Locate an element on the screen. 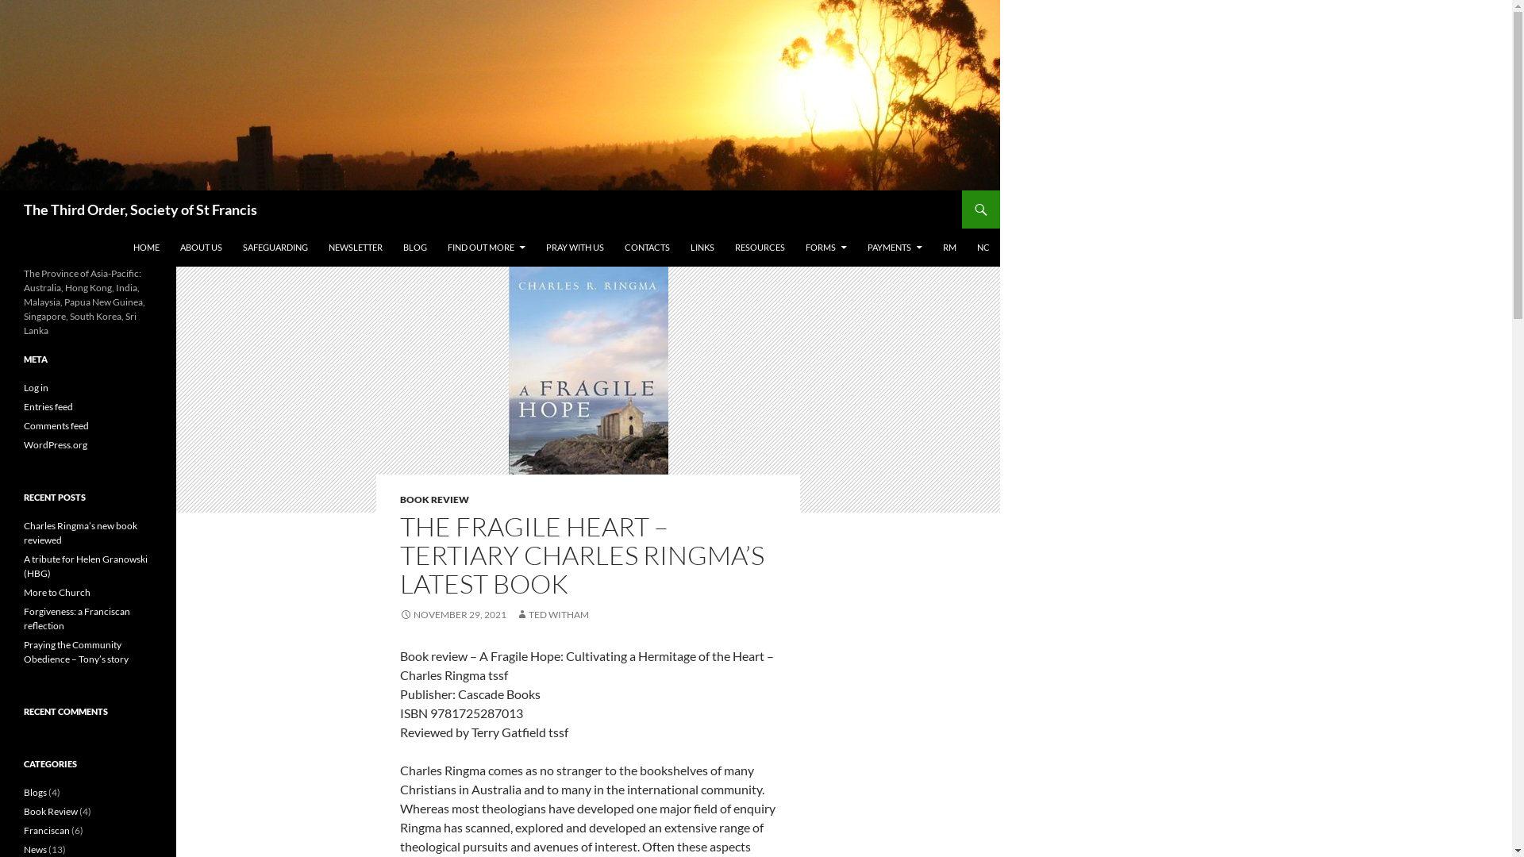 This screenshot has width=1524, height=857. 'Franciscan' is located at coordinates (23, 829).